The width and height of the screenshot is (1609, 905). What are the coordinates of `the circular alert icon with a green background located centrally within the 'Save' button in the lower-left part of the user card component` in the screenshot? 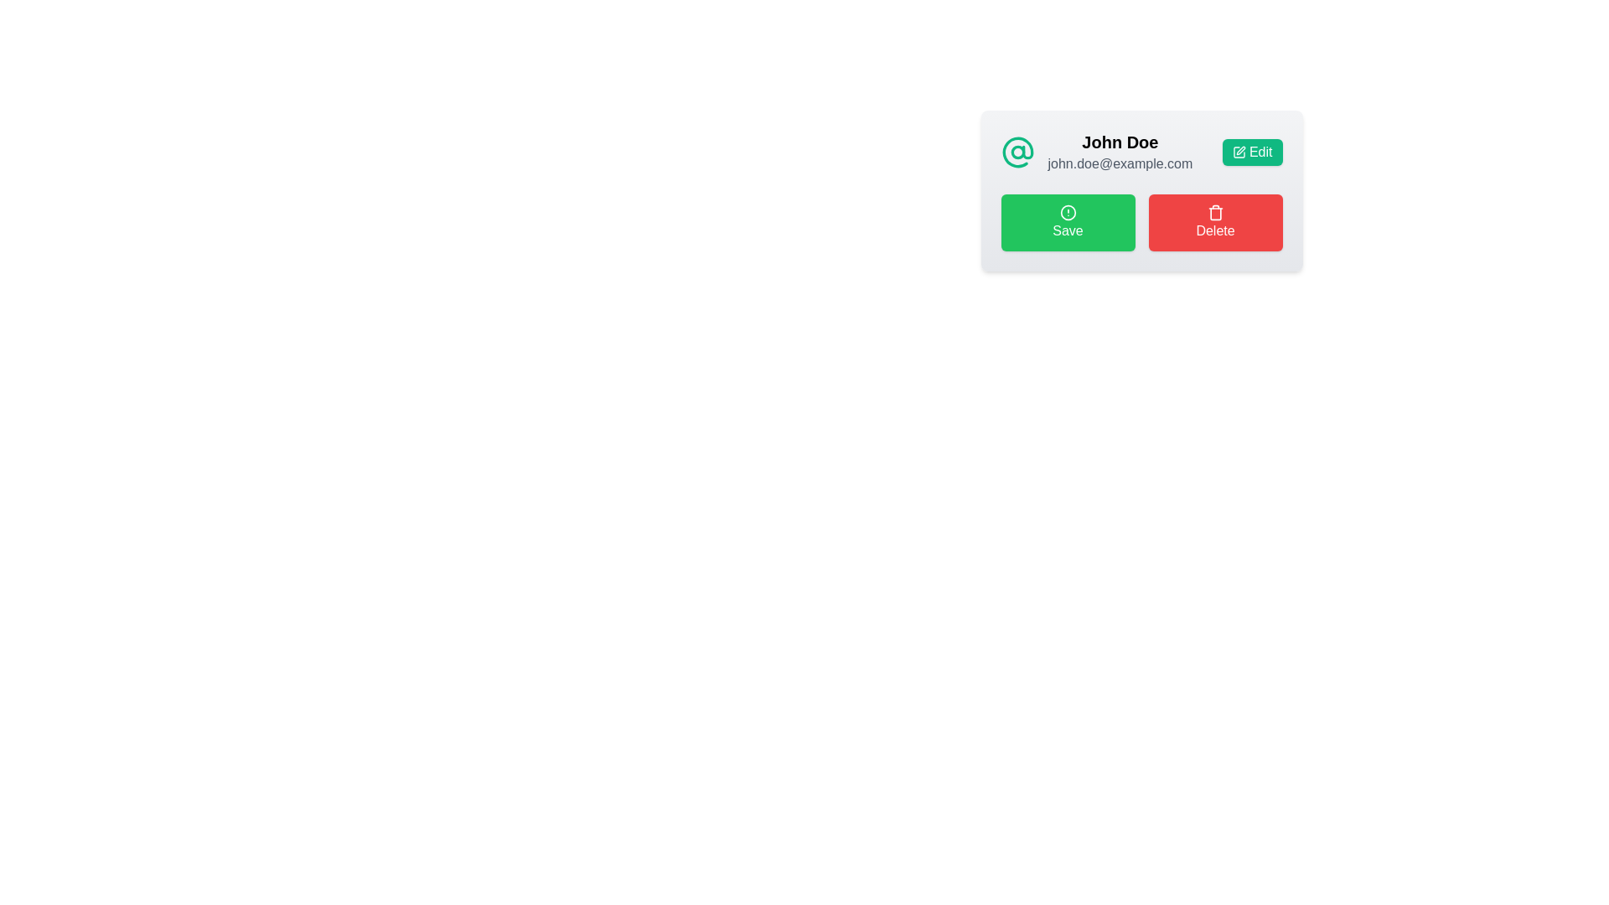 It's located at (1067, 212).